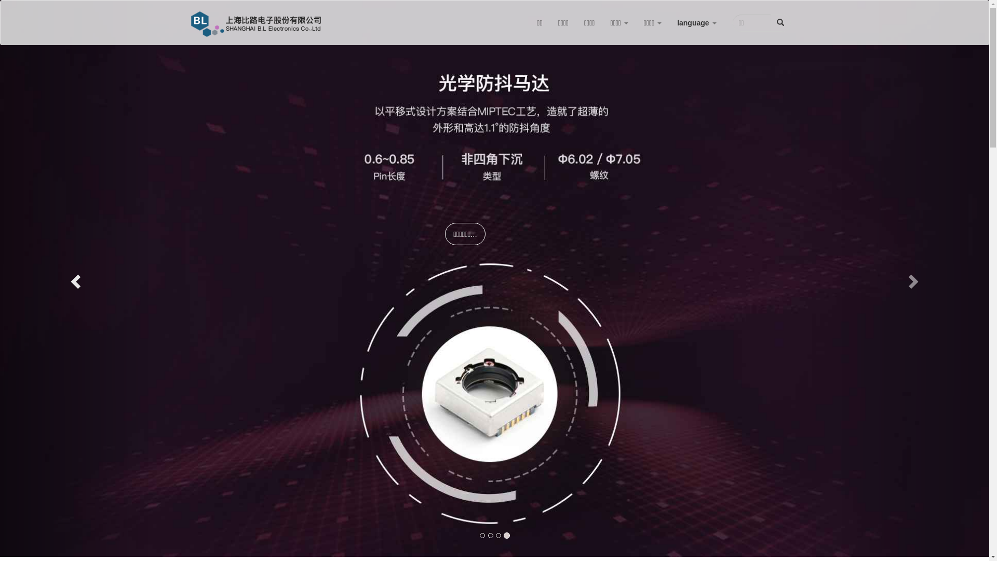 This screenshot has width=997, height=561. I want to click on 'language', so click(669, 22).